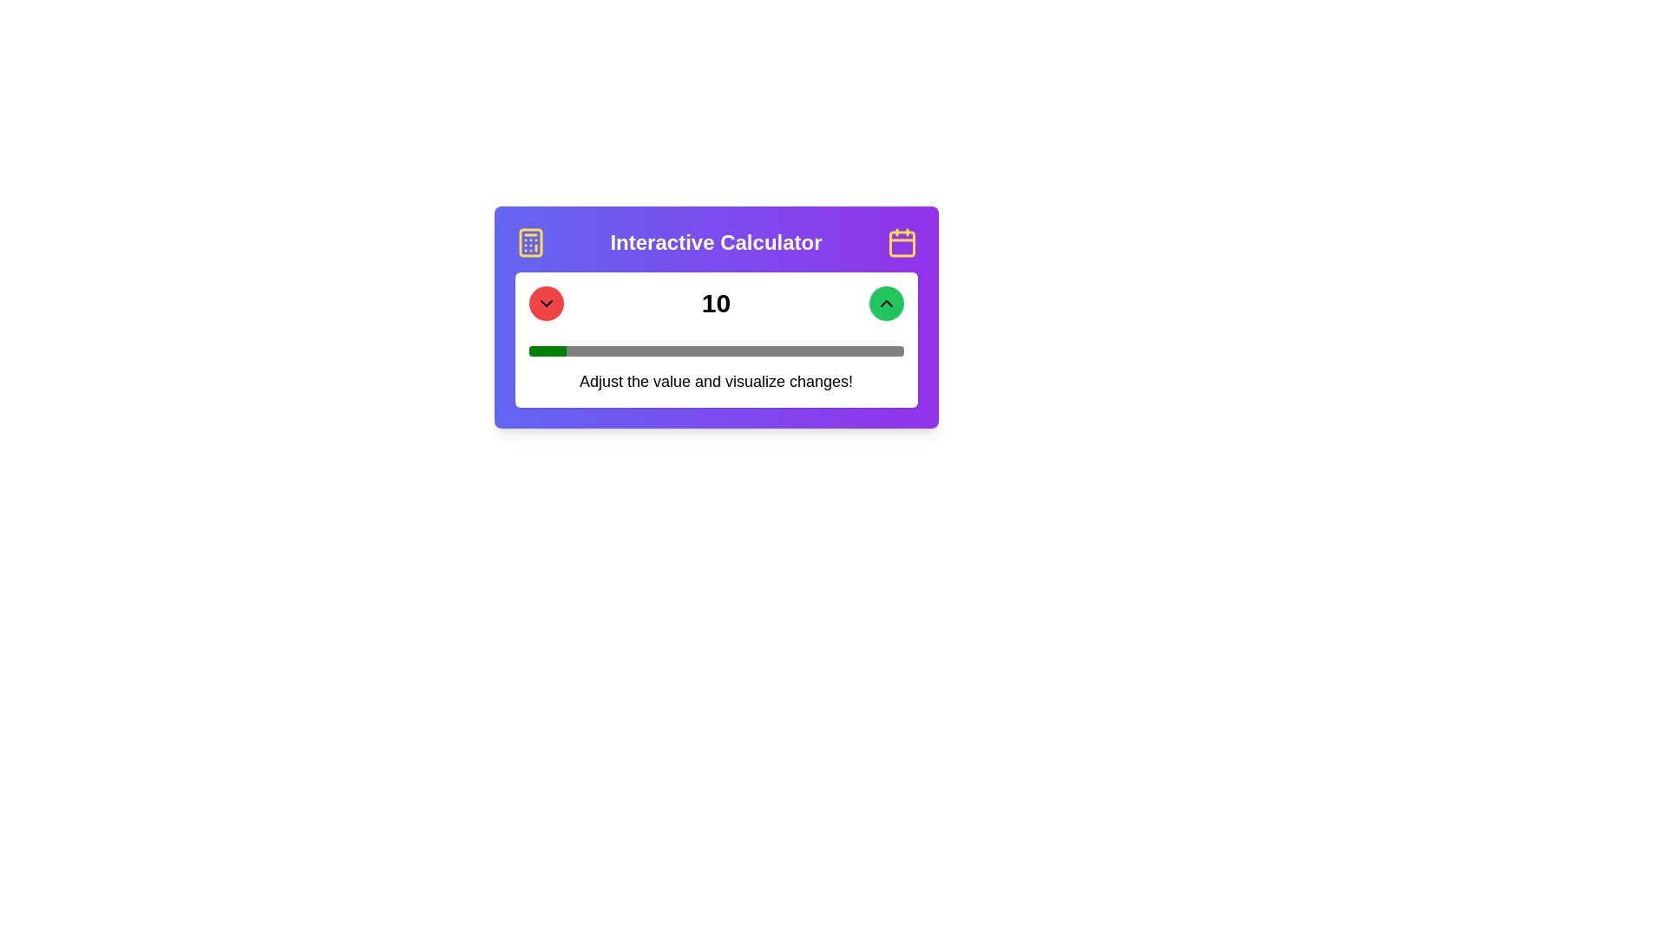 Image resolution: width=1666 pixels, height=937 pixels. I want to click on SVG rectangle located within the calculator icon at the top-left corner of the purple card labeled 'Interactive Calculator.', so click(529, 243).